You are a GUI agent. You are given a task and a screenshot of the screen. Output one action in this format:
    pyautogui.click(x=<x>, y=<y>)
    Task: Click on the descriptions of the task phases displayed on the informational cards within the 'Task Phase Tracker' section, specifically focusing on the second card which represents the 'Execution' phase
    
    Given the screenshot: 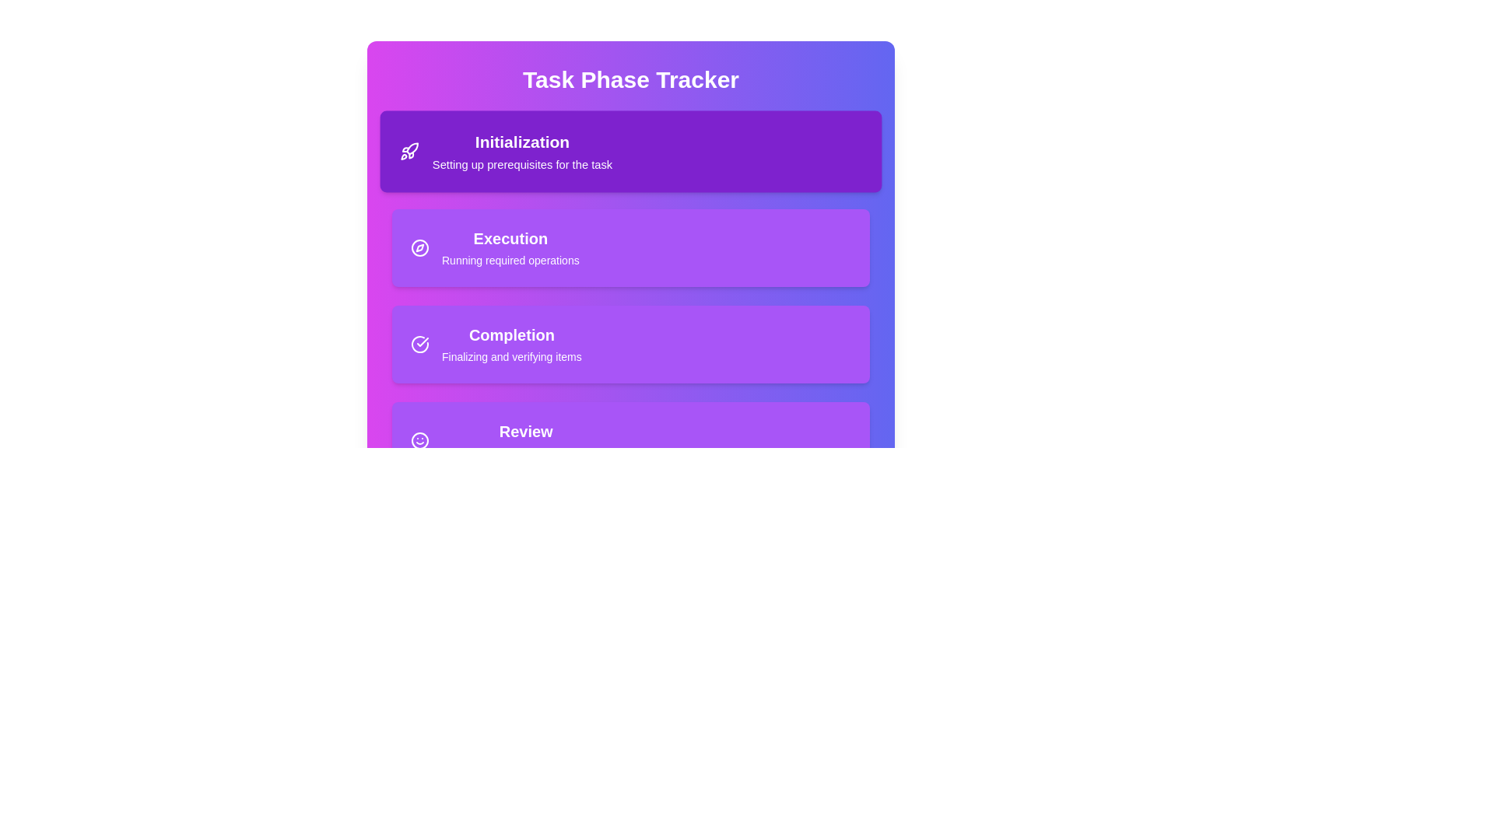 What is the action you would take?
    pyautogui.click(x=631, y=296)
    